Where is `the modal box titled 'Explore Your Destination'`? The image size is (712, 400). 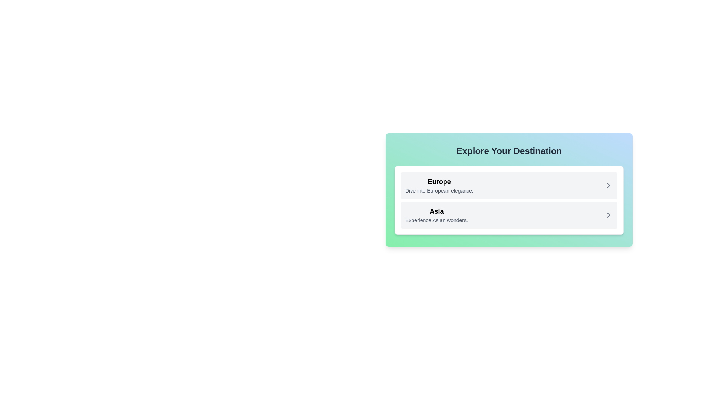
the modal box titled 'Explore Your Destination' is located at coordinates (508, 201).